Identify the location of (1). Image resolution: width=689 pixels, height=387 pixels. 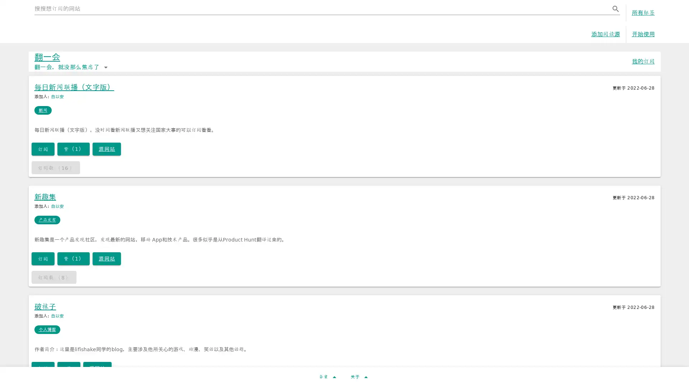
(73, 261).